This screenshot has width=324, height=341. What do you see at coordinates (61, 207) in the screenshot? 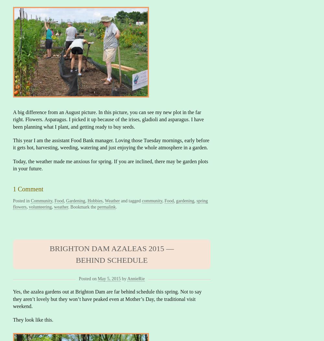
I see `'weather'` at bounding box center [61, 207].